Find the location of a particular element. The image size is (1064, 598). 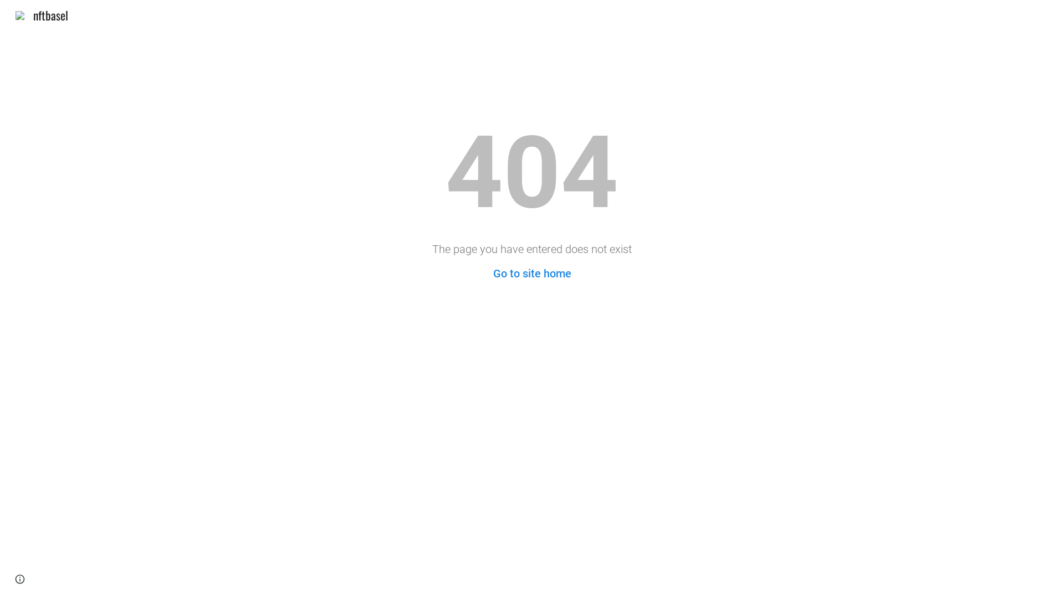

'Go to site home' is located at coordinates (532, 273).